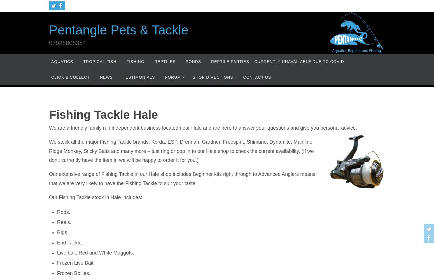  Describe the element at coordinates (95, 253) in the screenshot. I see `'Live bait: Red and White Maggots.'` at that location.